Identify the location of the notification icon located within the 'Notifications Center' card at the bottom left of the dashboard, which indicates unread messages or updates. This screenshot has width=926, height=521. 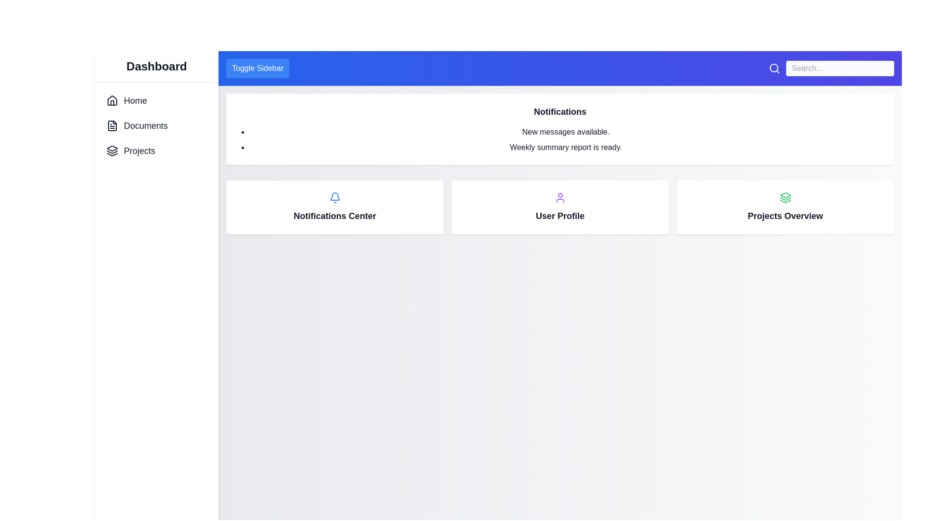
(335, 197).